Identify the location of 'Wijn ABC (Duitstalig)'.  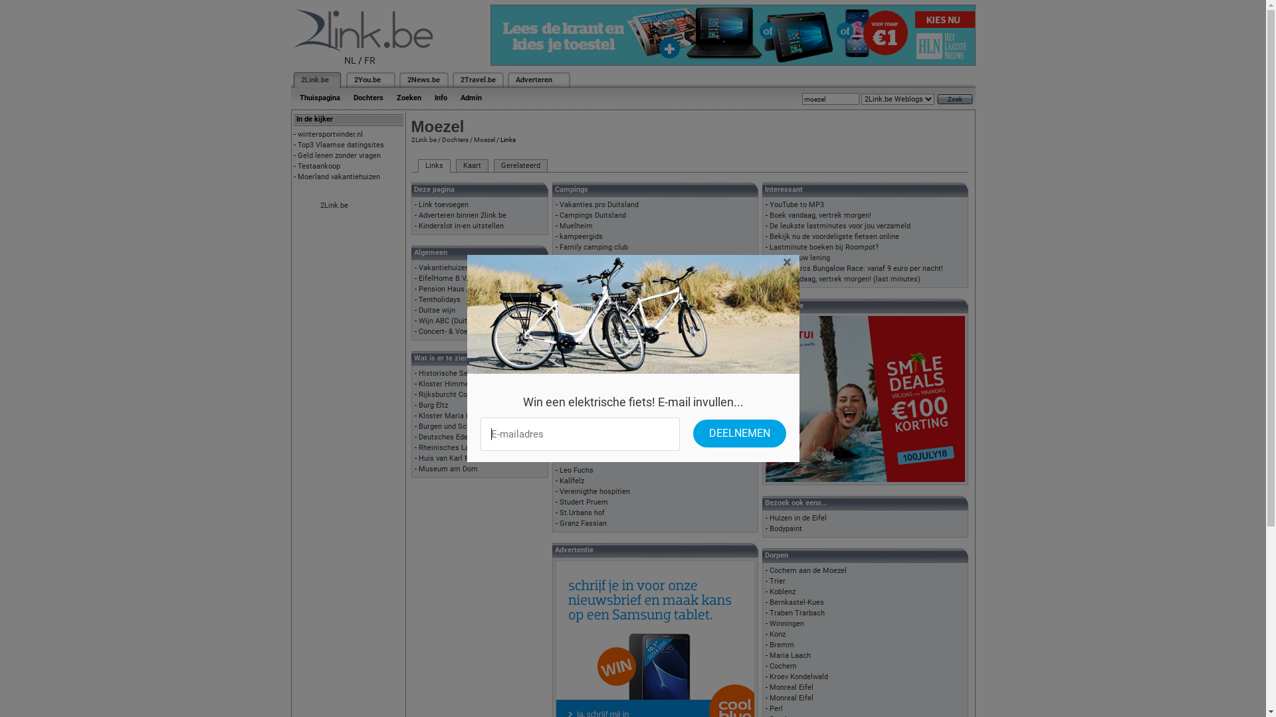
(453, 321).